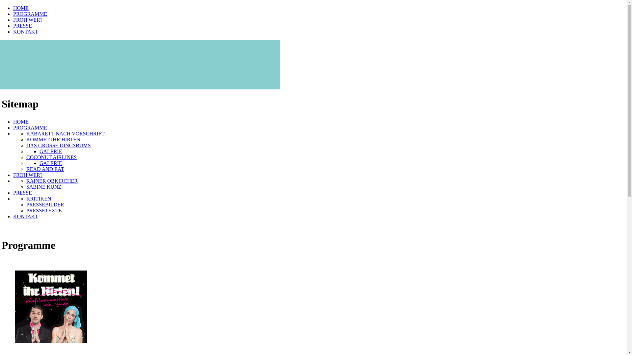  Describe the element at coordinates (58, 145) in the screenshot. I see `'DAS GROSSE DINGSBUMS'` at that location.